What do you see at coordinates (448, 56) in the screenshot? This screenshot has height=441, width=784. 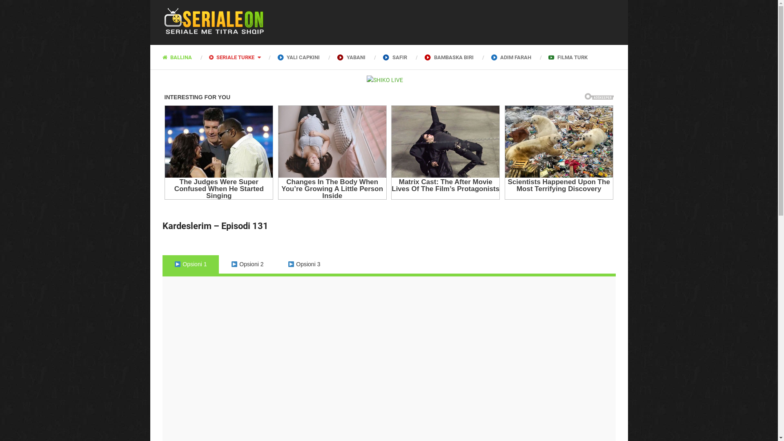 I see `'BAMBASKA BIRI'` at bounding box center [448, 56].